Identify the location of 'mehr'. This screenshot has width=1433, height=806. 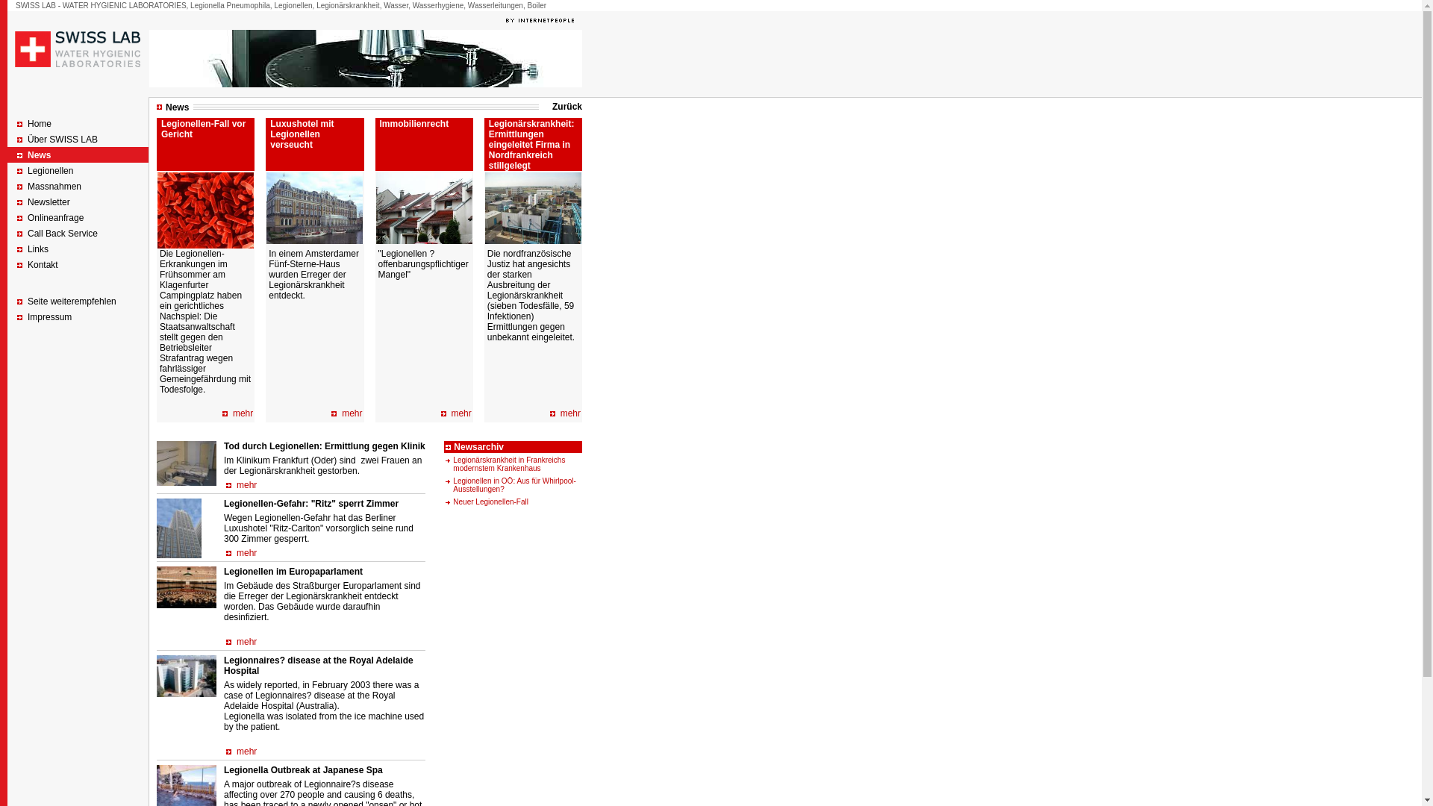
(246, 751).